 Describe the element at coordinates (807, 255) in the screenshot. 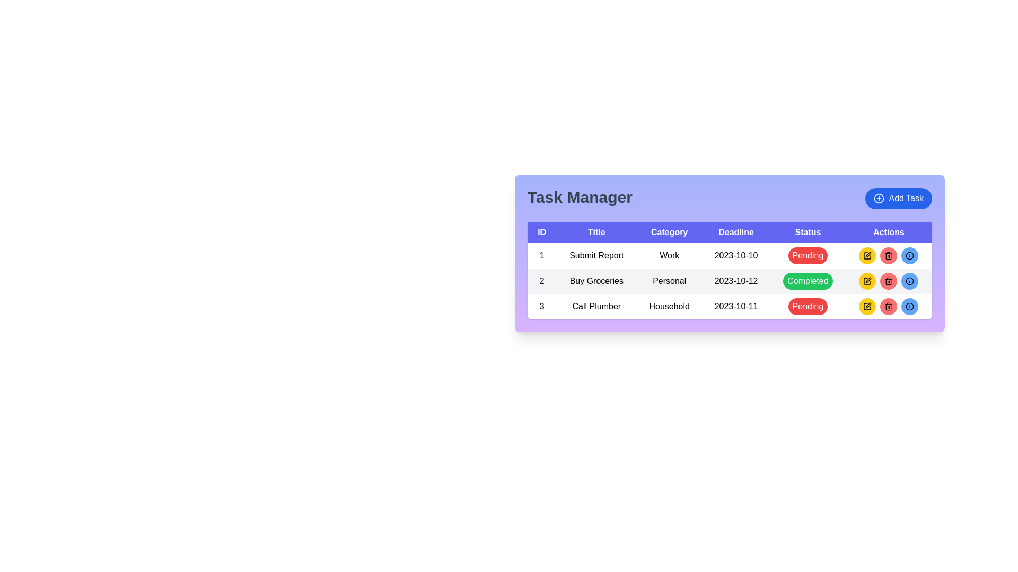

I see `the 'Pending' status indicator badge located in the 'Status' column of the top row corresponding to the task titled 'Submit Report'` at that location.